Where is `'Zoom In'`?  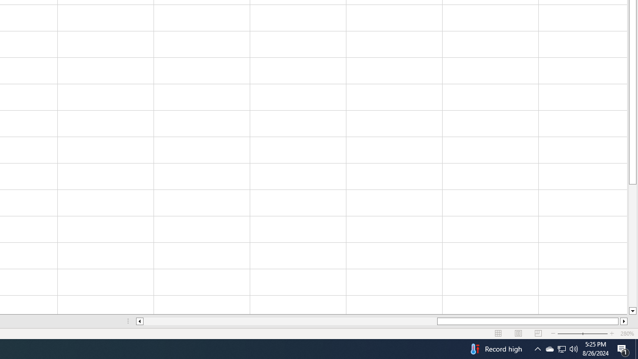
'Zoom In' is located at coordinates (611, 334).